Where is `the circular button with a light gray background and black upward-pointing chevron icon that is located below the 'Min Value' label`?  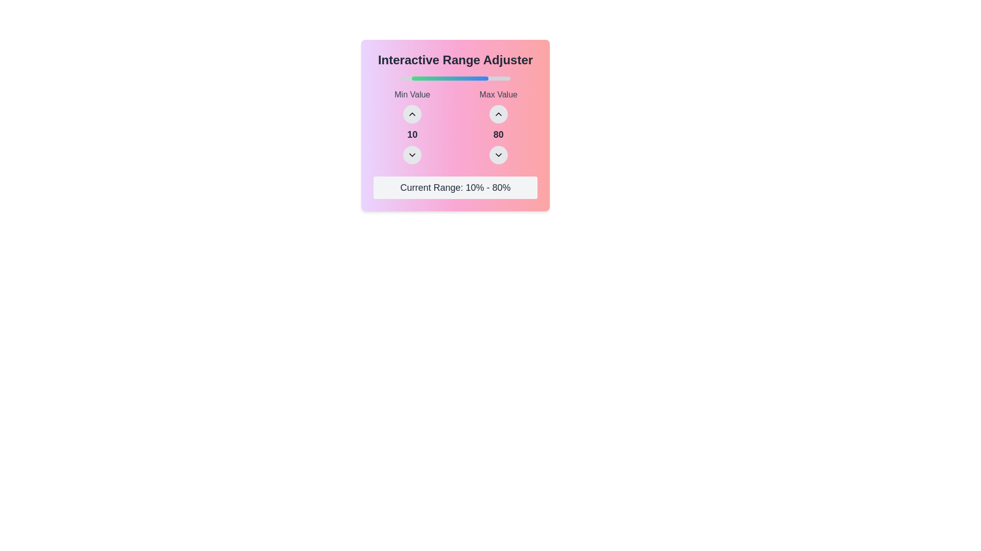 the circular button with a light gray background and black upward-pointing chevron icon that is located below the 'Min Value' label is located at coordinates (412, 114).